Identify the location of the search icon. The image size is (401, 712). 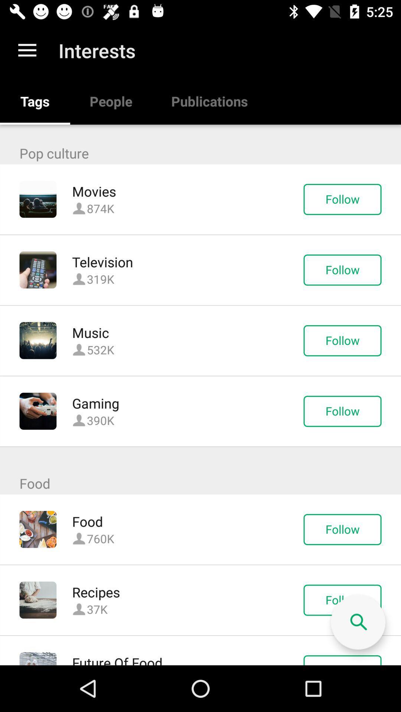
(358, 622).